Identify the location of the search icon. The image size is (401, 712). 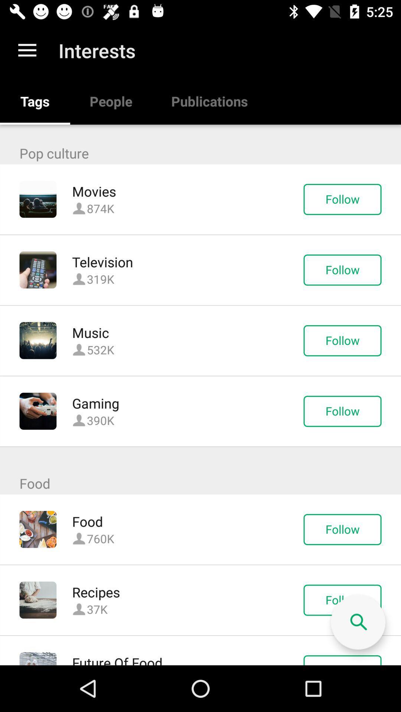
(358, 622).